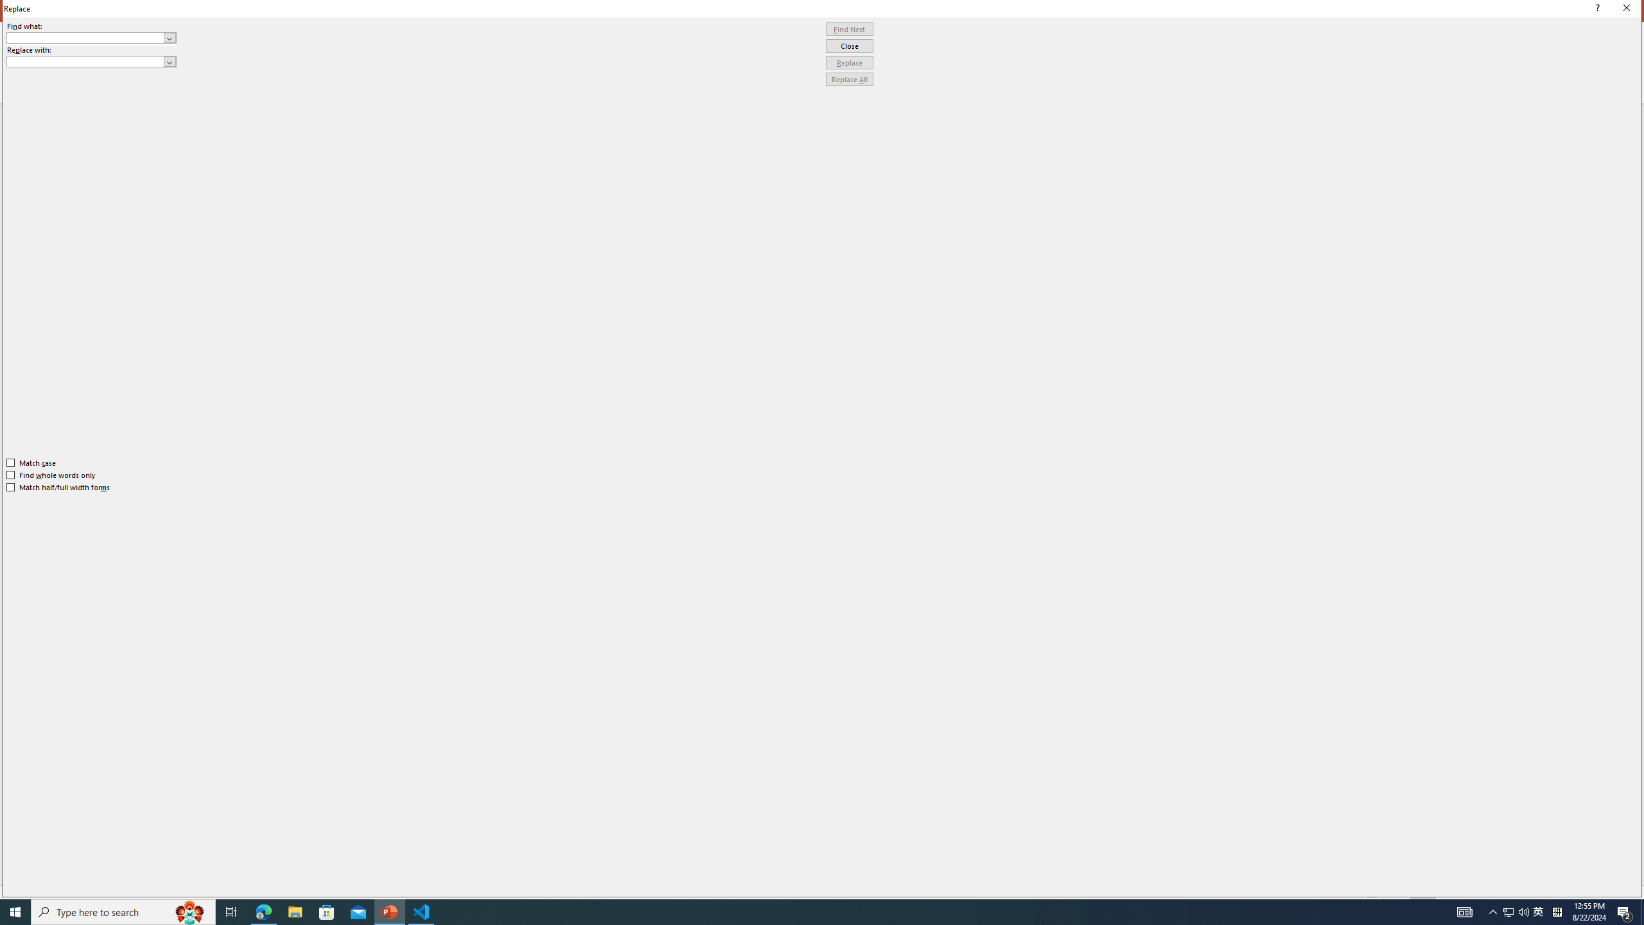  I want to click on 'Find what', so click(91, 37).